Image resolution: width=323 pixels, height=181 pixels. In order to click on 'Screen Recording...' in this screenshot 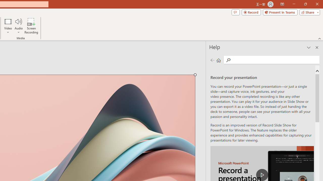, I will do `click(31, 26)`.